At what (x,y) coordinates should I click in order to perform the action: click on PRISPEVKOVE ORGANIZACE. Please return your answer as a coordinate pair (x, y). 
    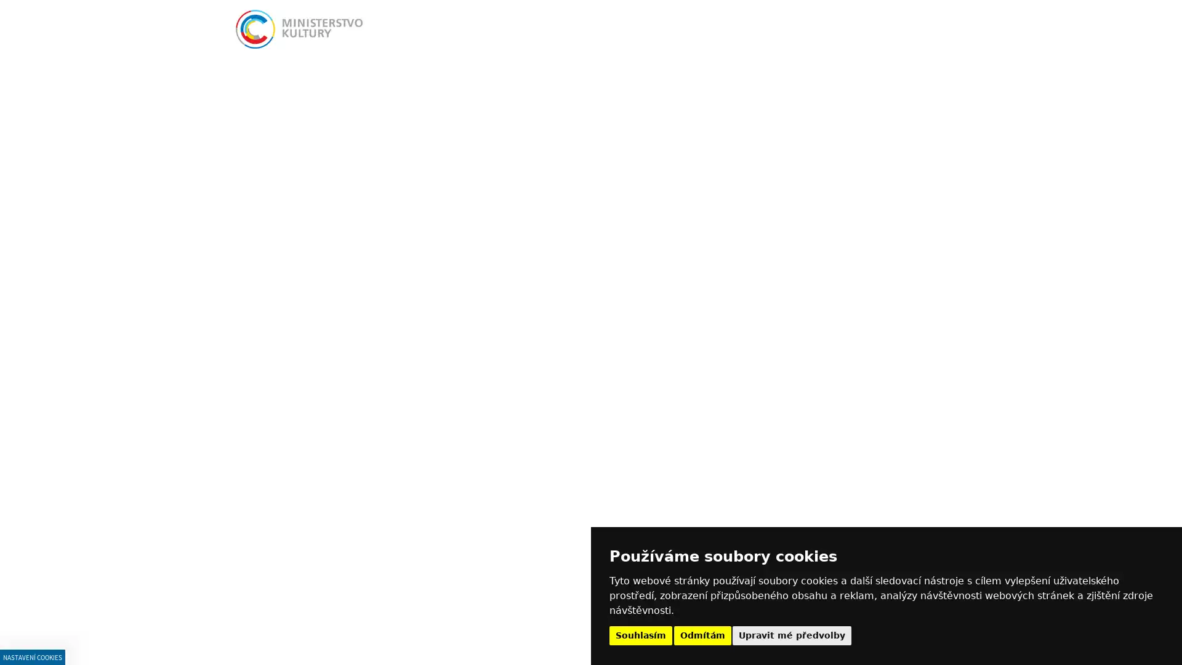
    Looking at the image, I should click on (414, 383).